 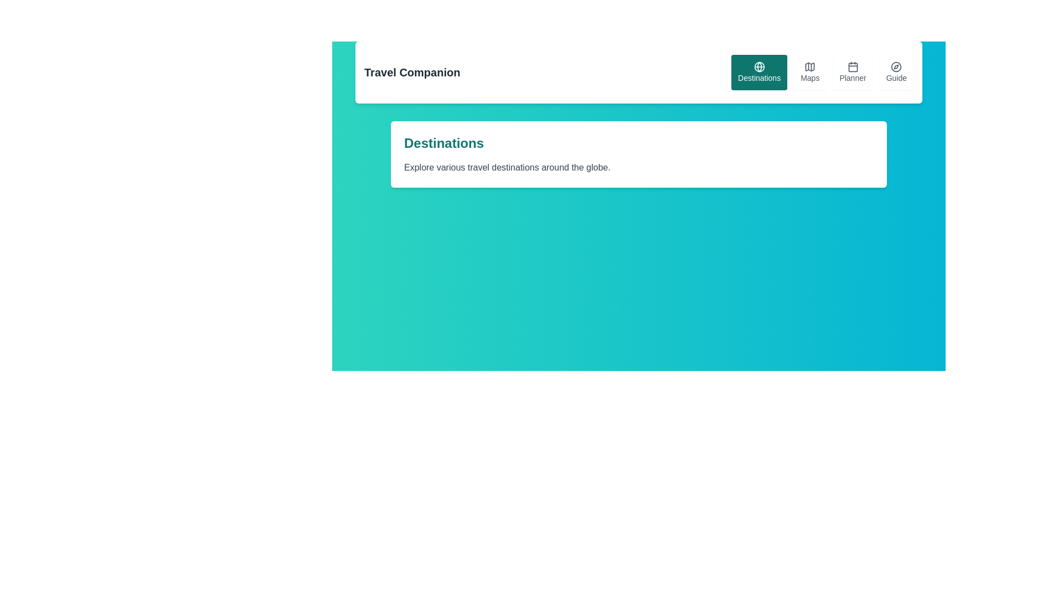 I want to click on the 'Destinations' button, so click(x=758, y=73).